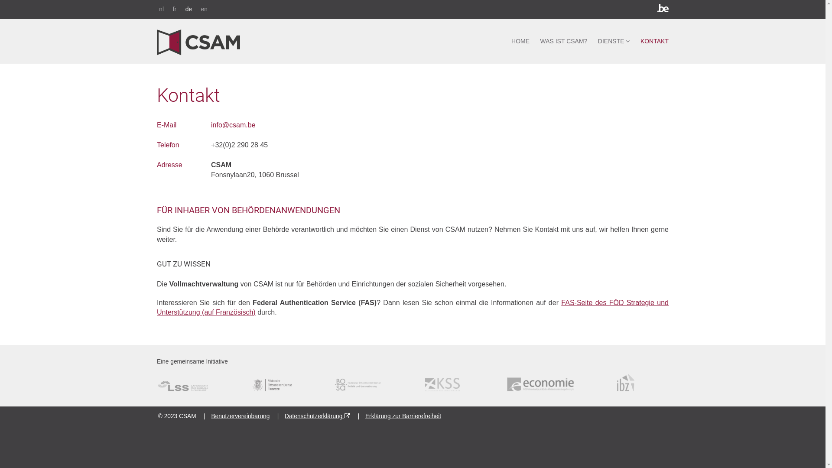 The width and height of the screenshot is (832, 468). I want to click on 'info@csam.be', so click(233, 125).